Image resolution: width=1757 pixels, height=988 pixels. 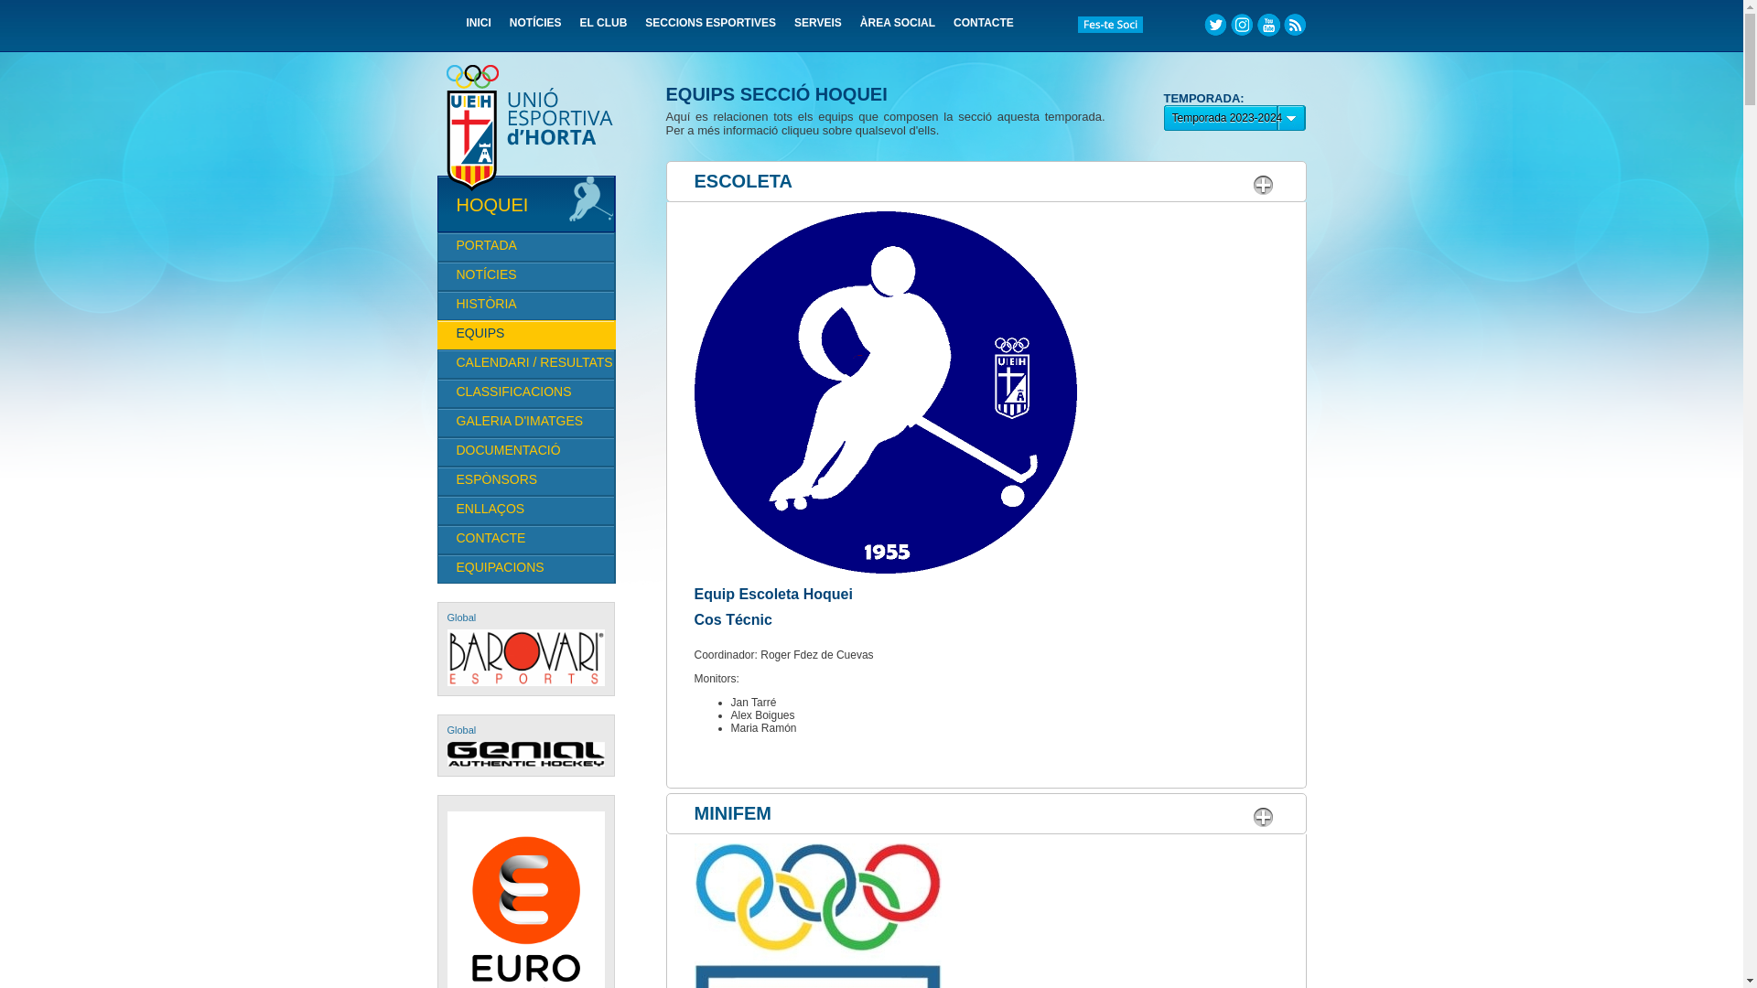 What do you see at coordinates (437, 567) in the screenshot?
I see `'EQUIPACIONS'` at bounding box center [437, 567].